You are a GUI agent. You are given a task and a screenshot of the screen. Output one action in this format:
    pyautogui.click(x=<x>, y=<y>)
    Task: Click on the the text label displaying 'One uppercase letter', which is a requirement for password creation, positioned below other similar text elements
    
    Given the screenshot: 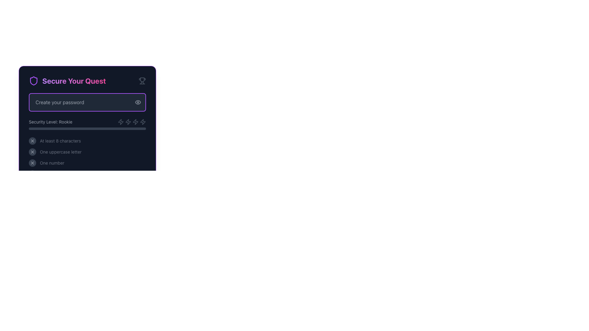 What is the action you would take?
    pyautogui.click(x=60, y=152)
    